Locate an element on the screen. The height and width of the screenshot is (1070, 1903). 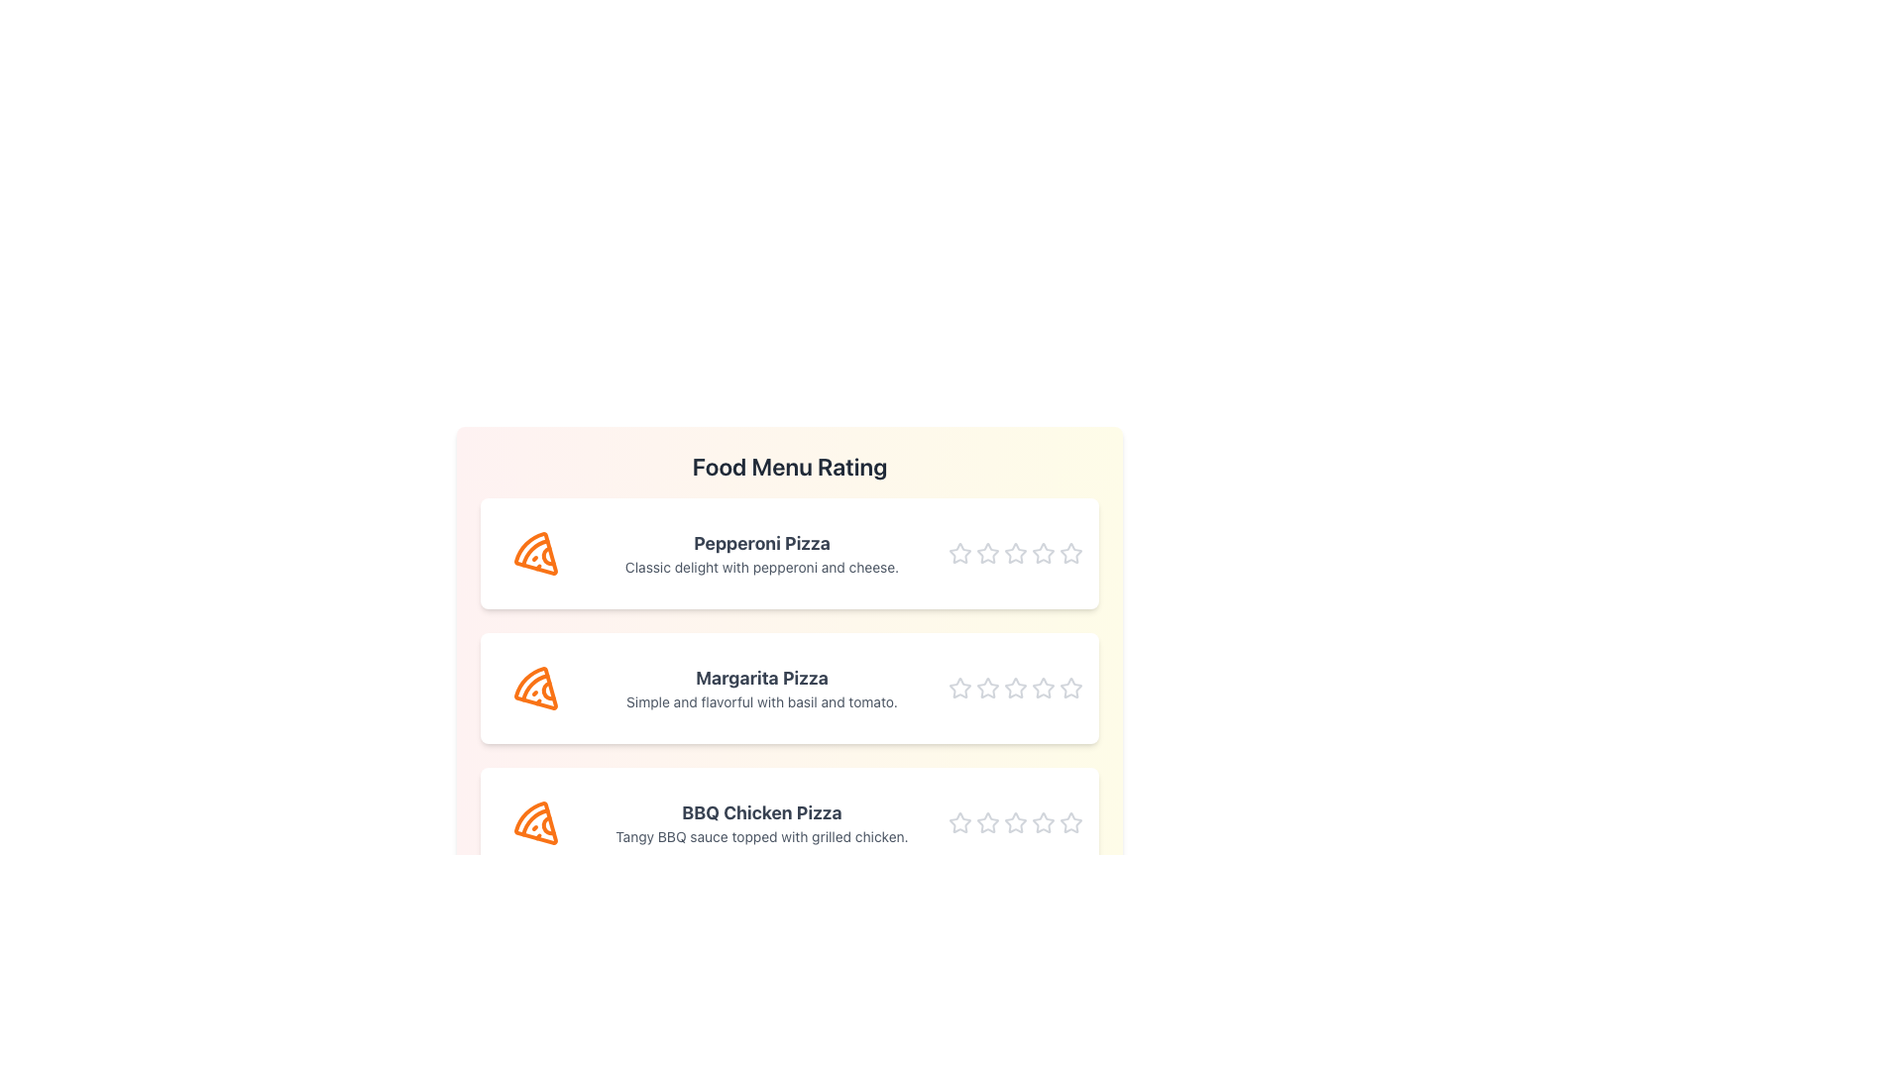
the fourth star icon in the rating system located to the right of the 'Pepperoni Pizza' label is located at coordinates (1042, 554).